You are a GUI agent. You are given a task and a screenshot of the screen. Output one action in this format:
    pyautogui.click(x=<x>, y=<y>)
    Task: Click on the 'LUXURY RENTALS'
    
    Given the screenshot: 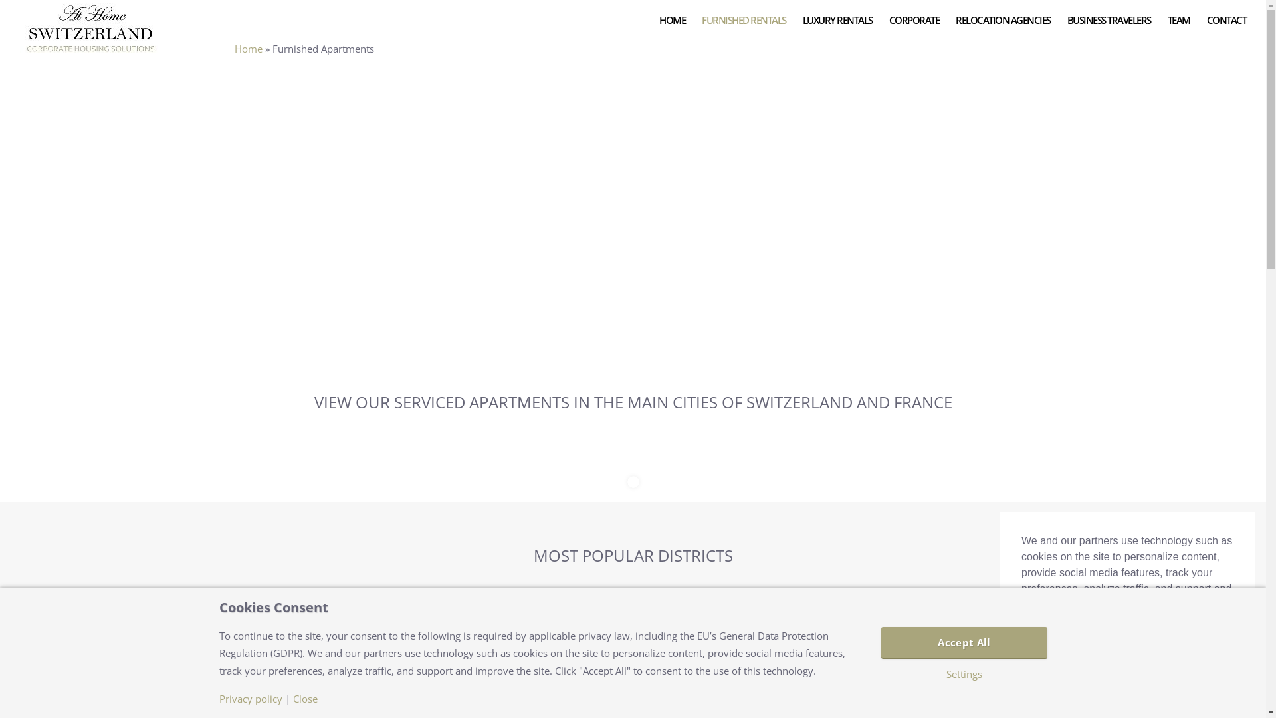 What is the action you would take?
    pyautogui.click(x=802, y=20)
    